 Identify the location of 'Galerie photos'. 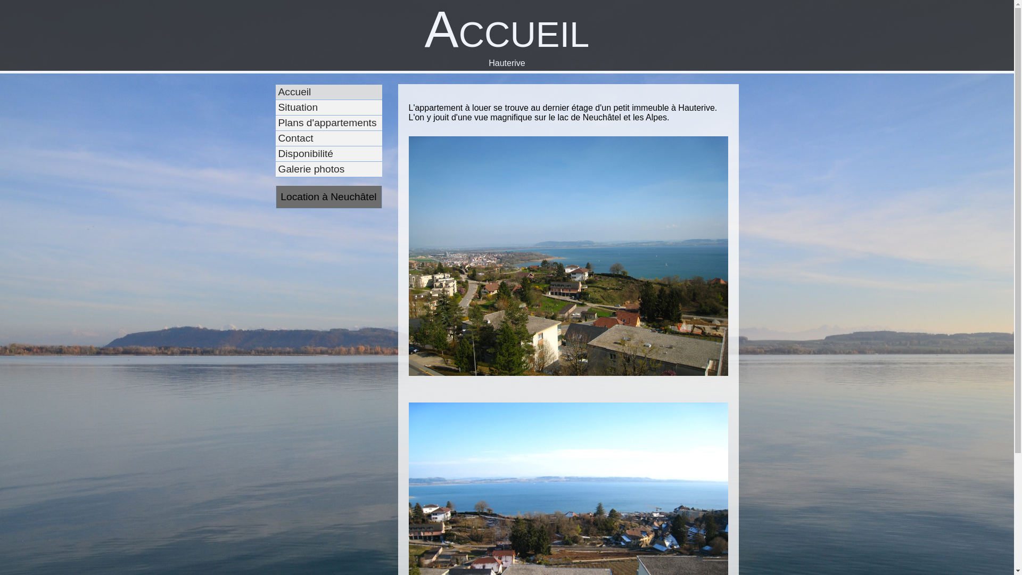
(339, 169).